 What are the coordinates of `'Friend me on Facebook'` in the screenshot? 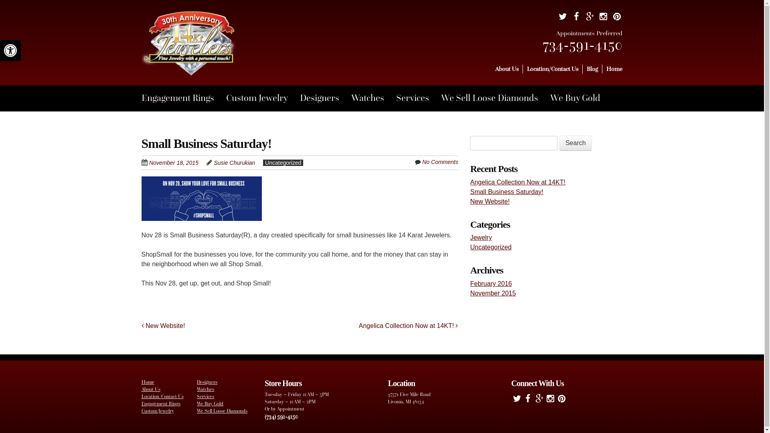 It's located at (570, 18).